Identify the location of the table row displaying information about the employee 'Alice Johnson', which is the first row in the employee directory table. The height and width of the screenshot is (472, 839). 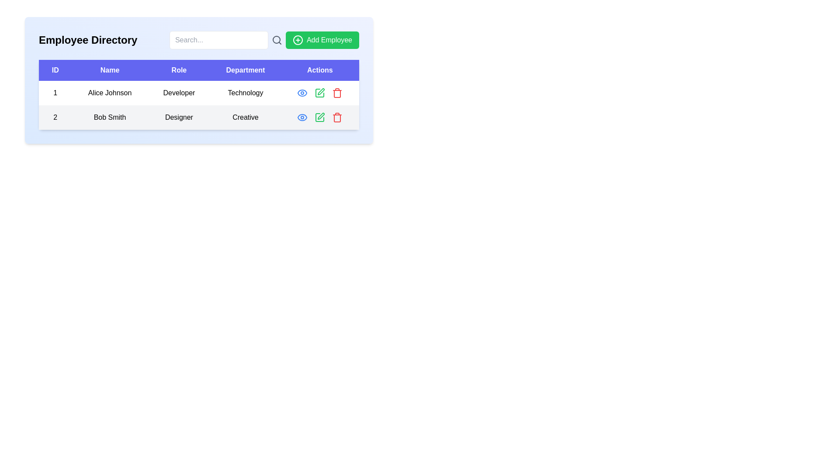
(198, 93).